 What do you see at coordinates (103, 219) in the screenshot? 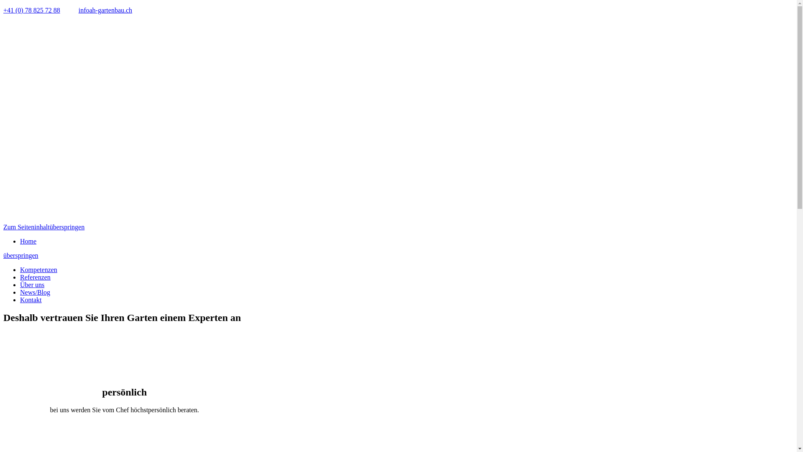
I see `'AH Gartenbau'` at bounding box center [103, 219].